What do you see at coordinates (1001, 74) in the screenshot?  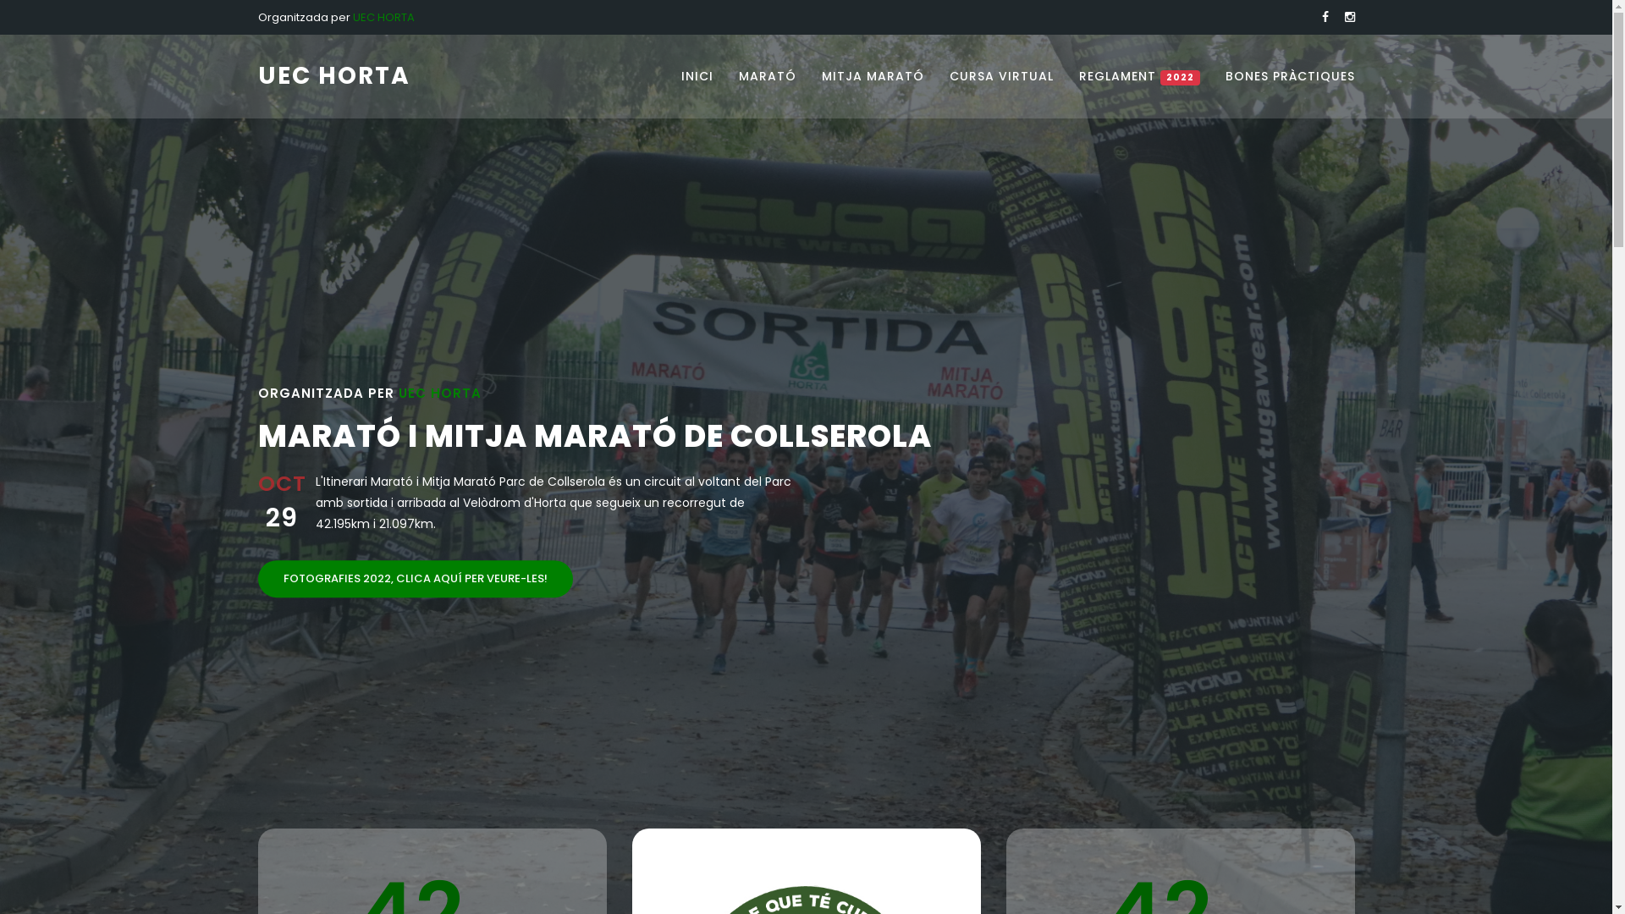 I see `'CURSA VIRTUAL'` at bounding box center [1001, 74].